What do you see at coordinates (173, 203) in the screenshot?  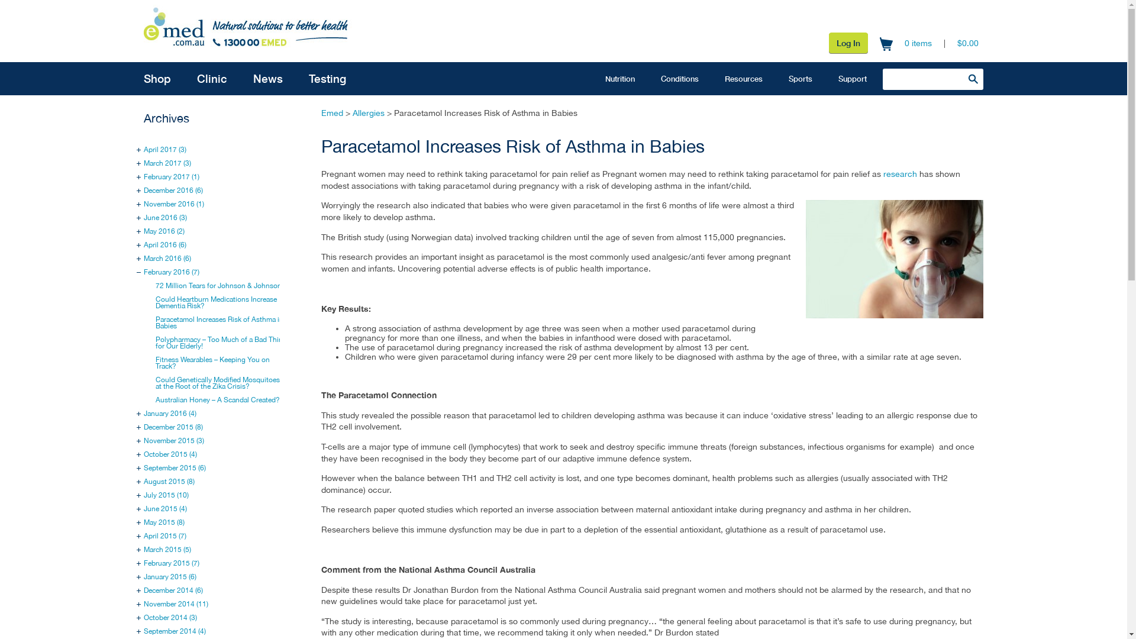 I see `'November 2016 (1)'` at bounding box center [173, 203].